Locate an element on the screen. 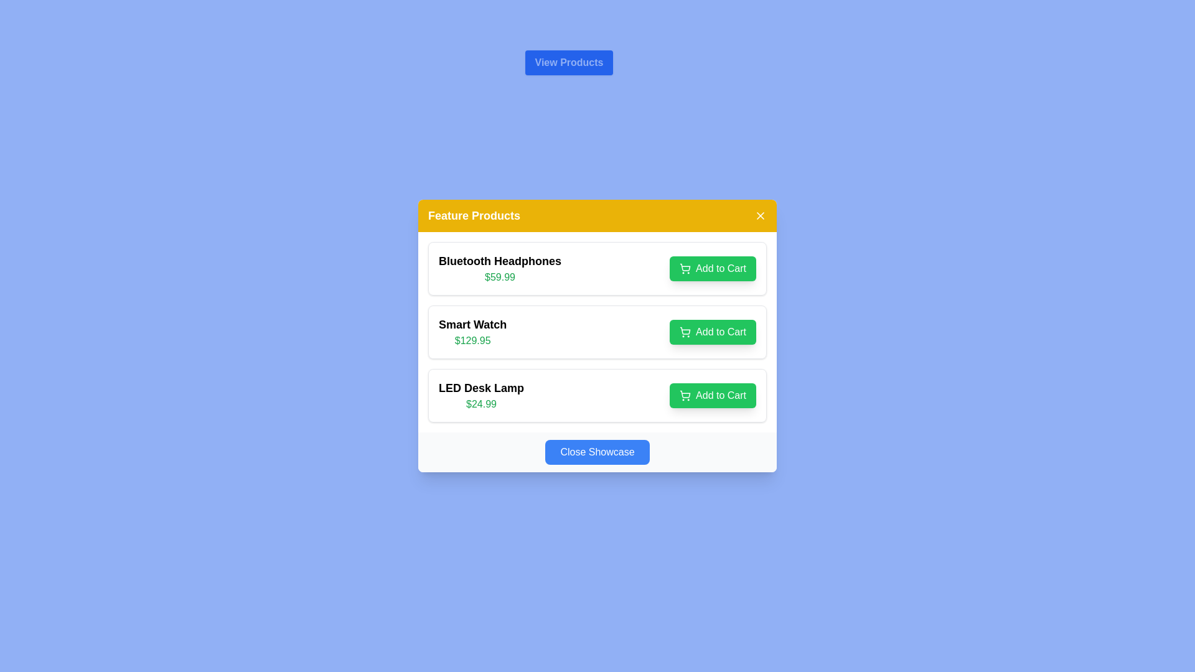 The image size is (1195, 672). the small button displaying a cross ('X') icon with a yellow background located at the top-right corner of the 'Feature Products' header is located at coordinates (760, 215).